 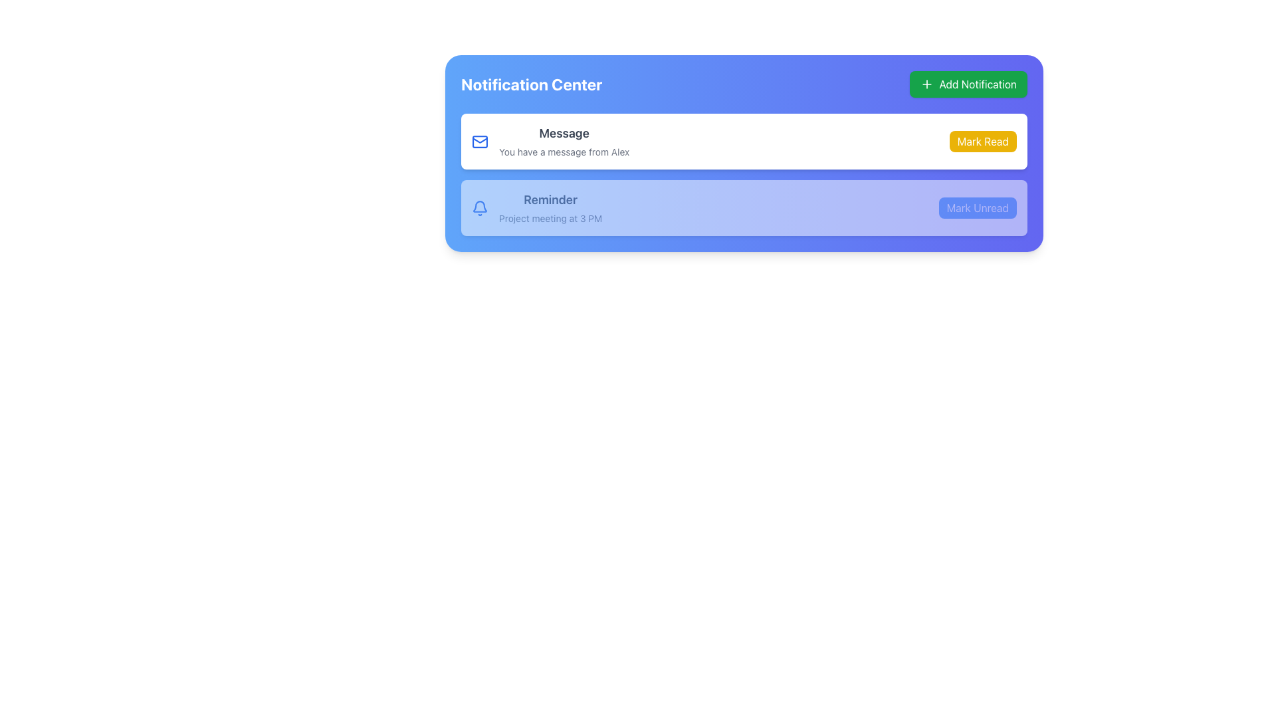 What do you see at coordinates (550, 207) in the screenshot?
I see `text content of the title and description in the second notification item of the Notification Center, which indicates a reminder for a project meeting at 3 PM` at bounding box center [550, 207].